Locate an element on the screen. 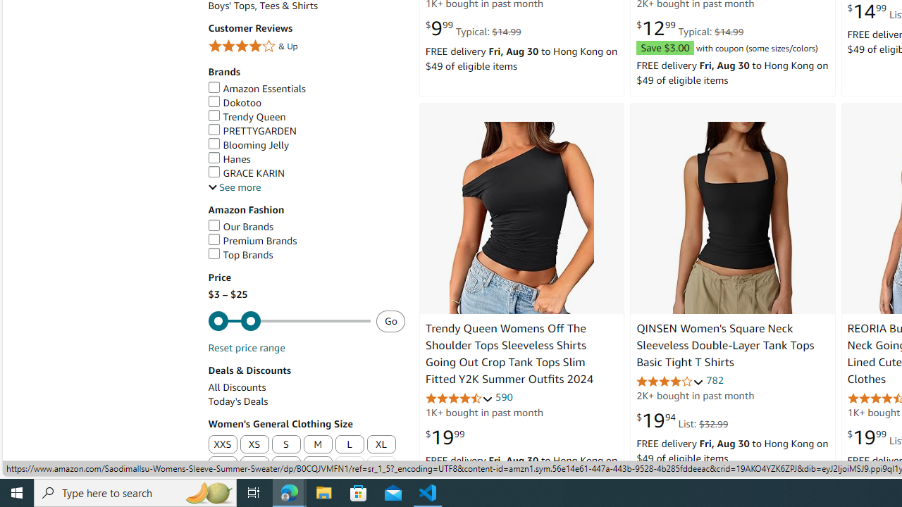  'S' is located at coordinates (285, 444).